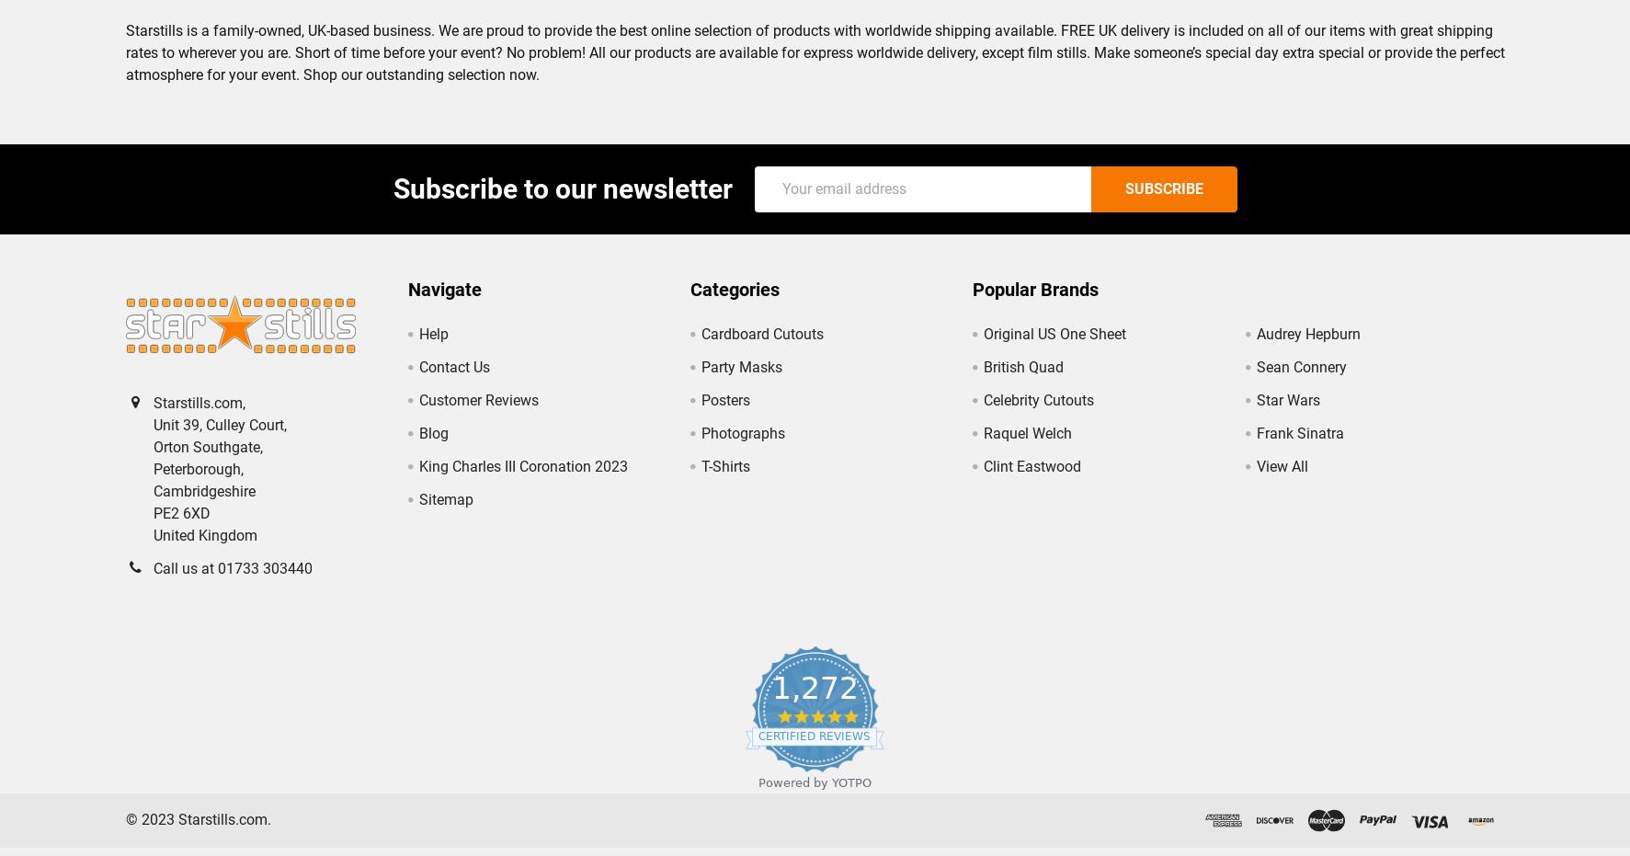 Image resolution: width=1630 pixels, height=856 pixels. What do you see at coordinates (1300, 381) in the screenshot?
I see `'Sean Connery'` at bounding box center [1300, 381].